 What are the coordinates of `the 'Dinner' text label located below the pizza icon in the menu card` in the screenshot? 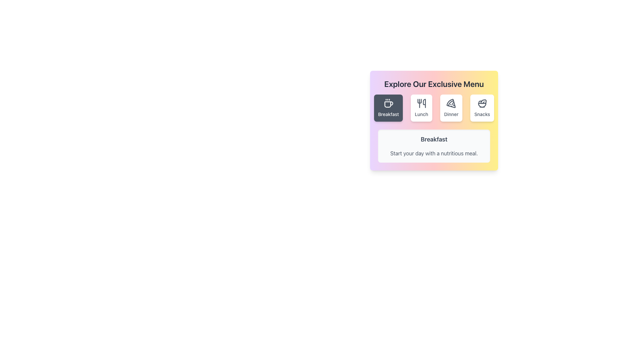 It's located at (451, 114).